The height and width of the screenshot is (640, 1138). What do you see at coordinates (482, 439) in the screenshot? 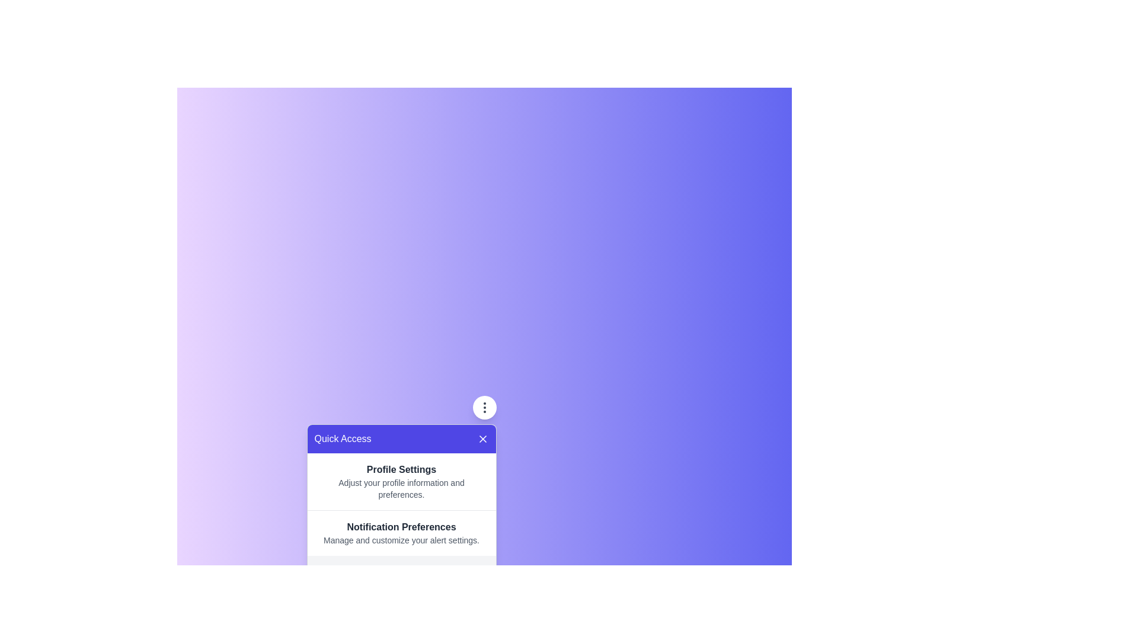
I see `the close button located at the top-right corner of the 'Quick Access' panel` at bounding box center [482, 439].